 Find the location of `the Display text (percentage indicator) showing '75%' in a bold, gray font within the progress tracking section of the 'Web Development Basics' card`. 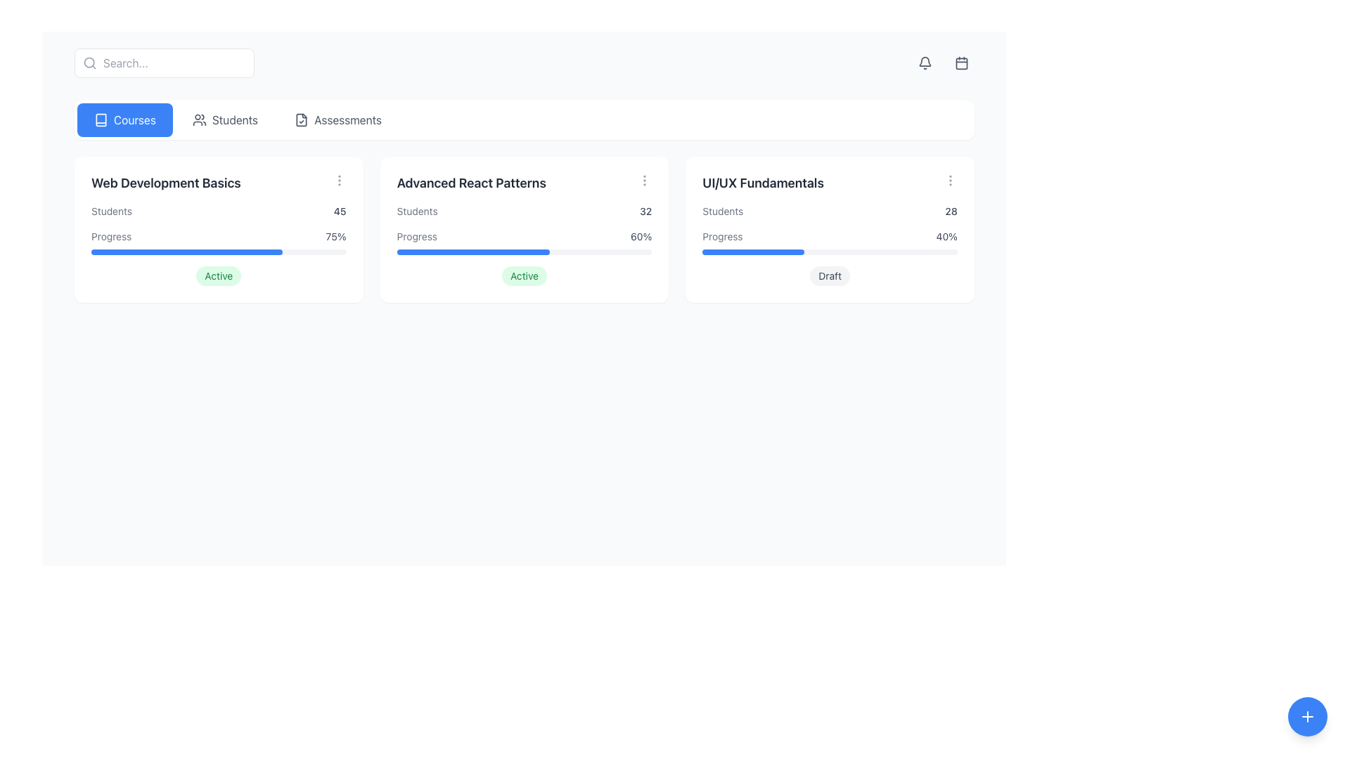

the Display text (percentage indicator) showing '75%' in a bold, gray font within the progress tracking section of the 'Web Development Basics' card is located at coordinates (335, 235).